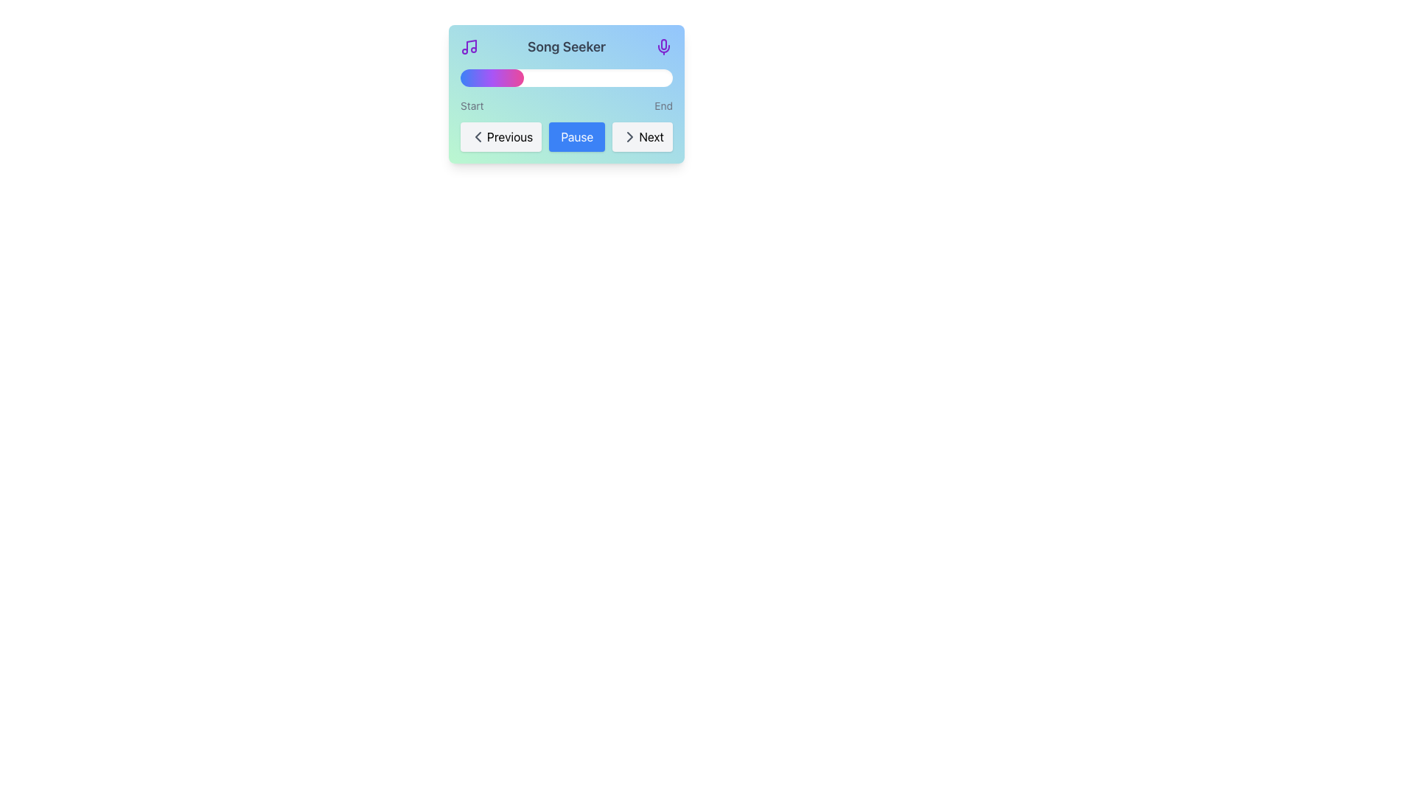  What do you see at coordinates (501, 136) in the screenshot?
I see `the 'Previous' button, which is a light gray rectangular button with rounded edges located at the bottom left of the interface` at bounding box center [501, 136].